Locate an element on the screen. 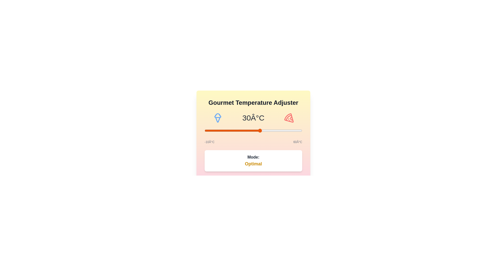 The image size is (488, 274). the temperature to 6°C using the slider is located at coordinates (226, 130).